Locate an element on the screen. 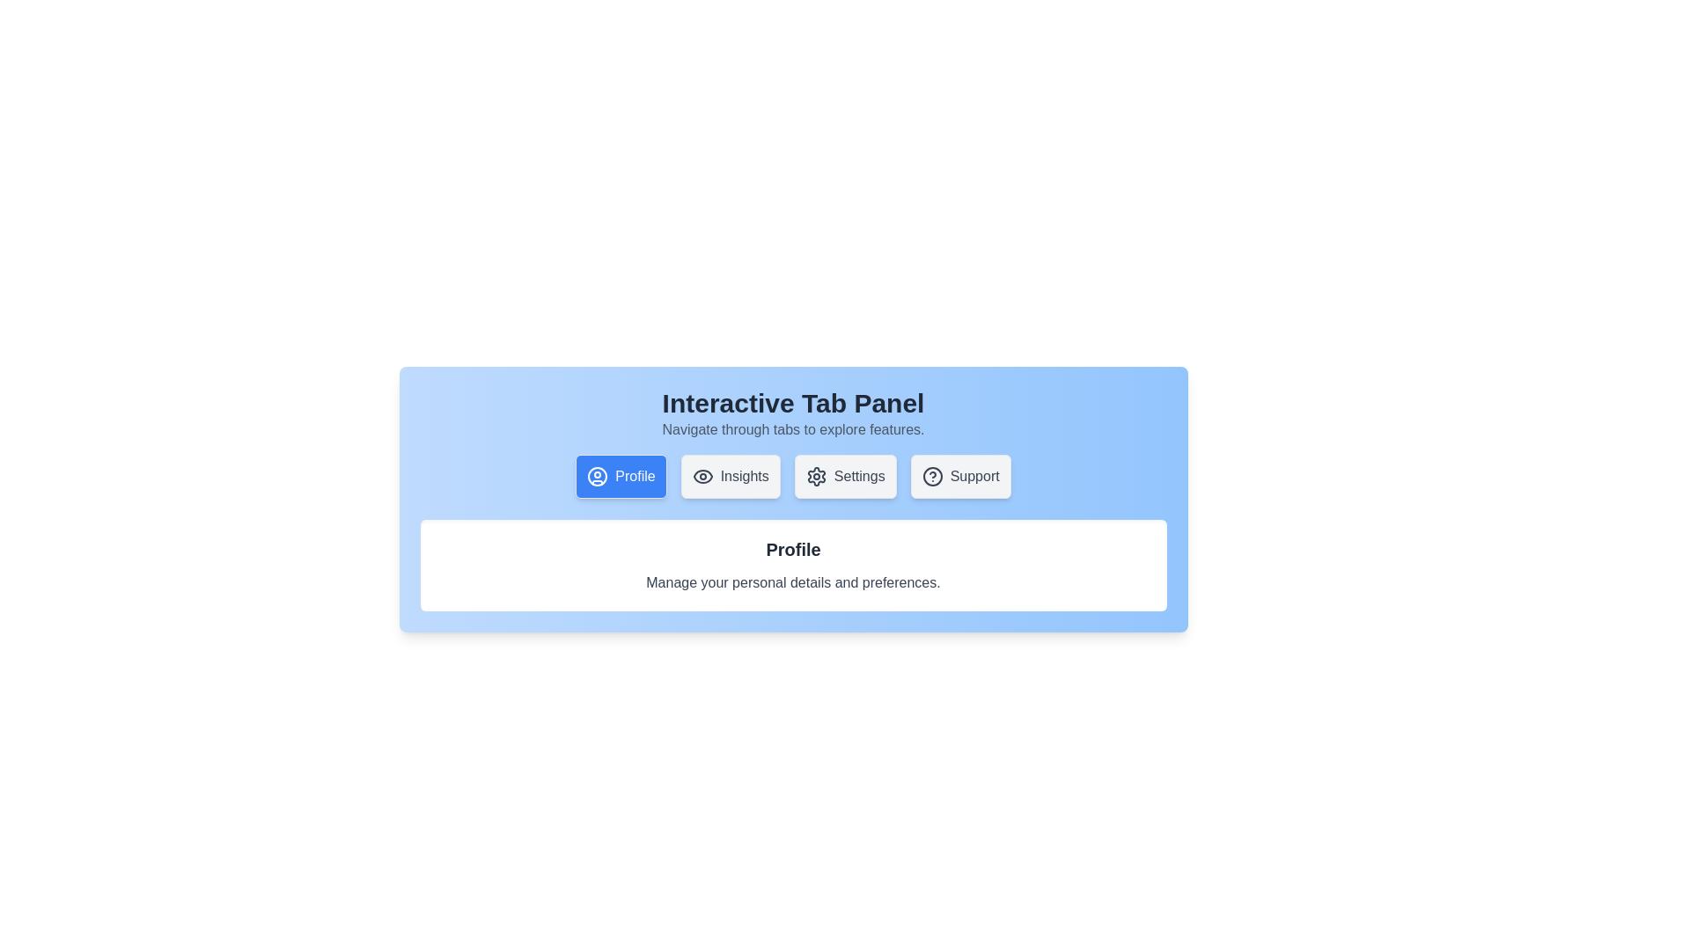 The height and width of the screenshot is (950, 1690). the Insights tab to view its content is located at coordinates (731, 477).